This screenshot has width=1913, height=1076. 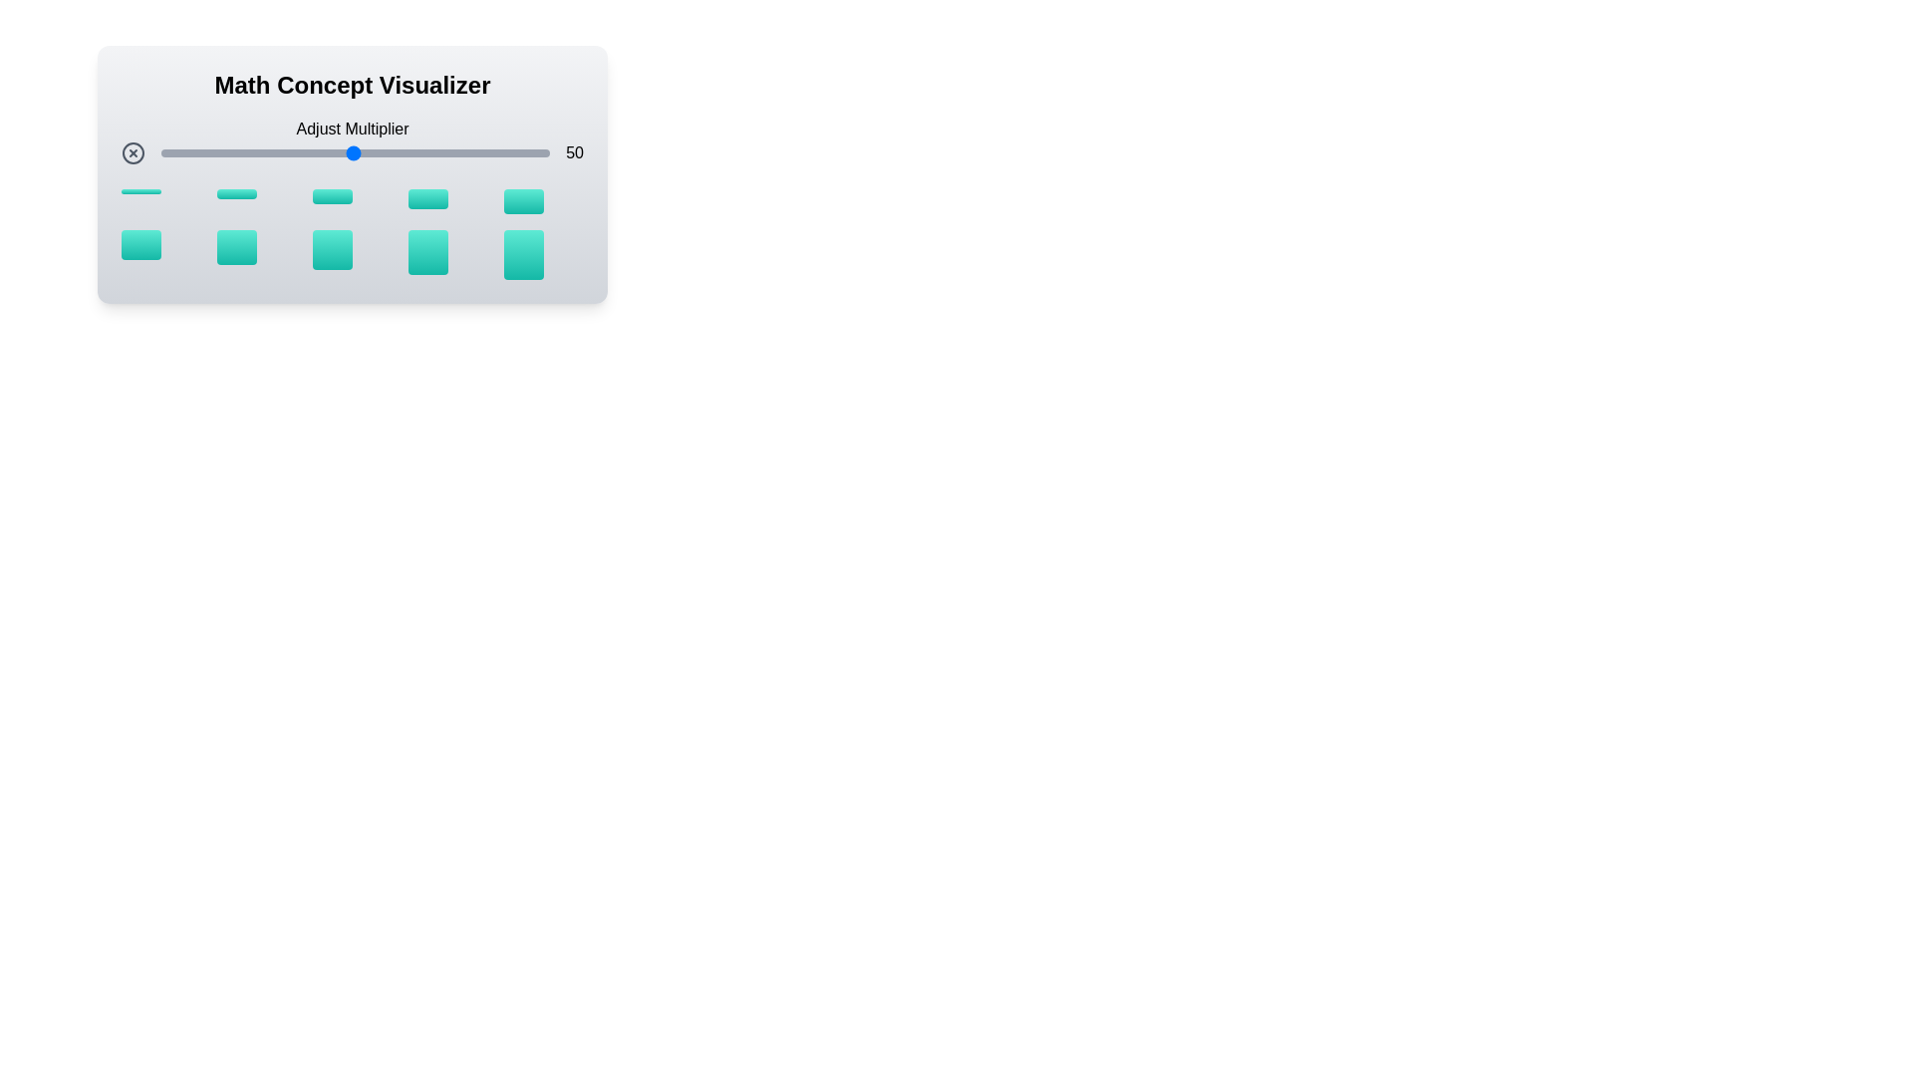 What do you see at coordinates (393, 152) in the screenshot?
I see `the multiplier slider to set the value to 60` at bounding box center [393, 152].